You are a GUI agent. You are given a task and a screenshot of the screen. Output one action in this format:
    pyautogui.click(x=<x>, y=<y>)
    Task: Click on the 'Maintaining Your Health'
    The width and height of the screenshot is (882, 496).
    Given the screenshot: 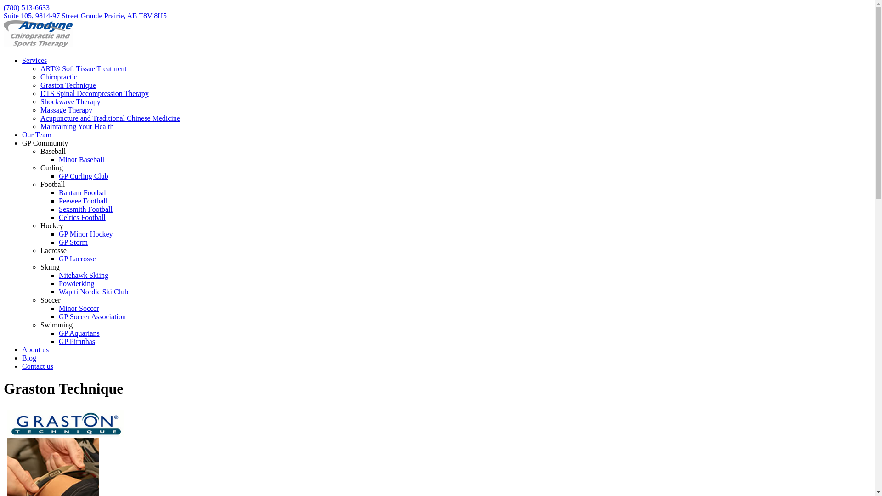 What is the action you would take?
    pyautogui.click(x=40, y=126)
    